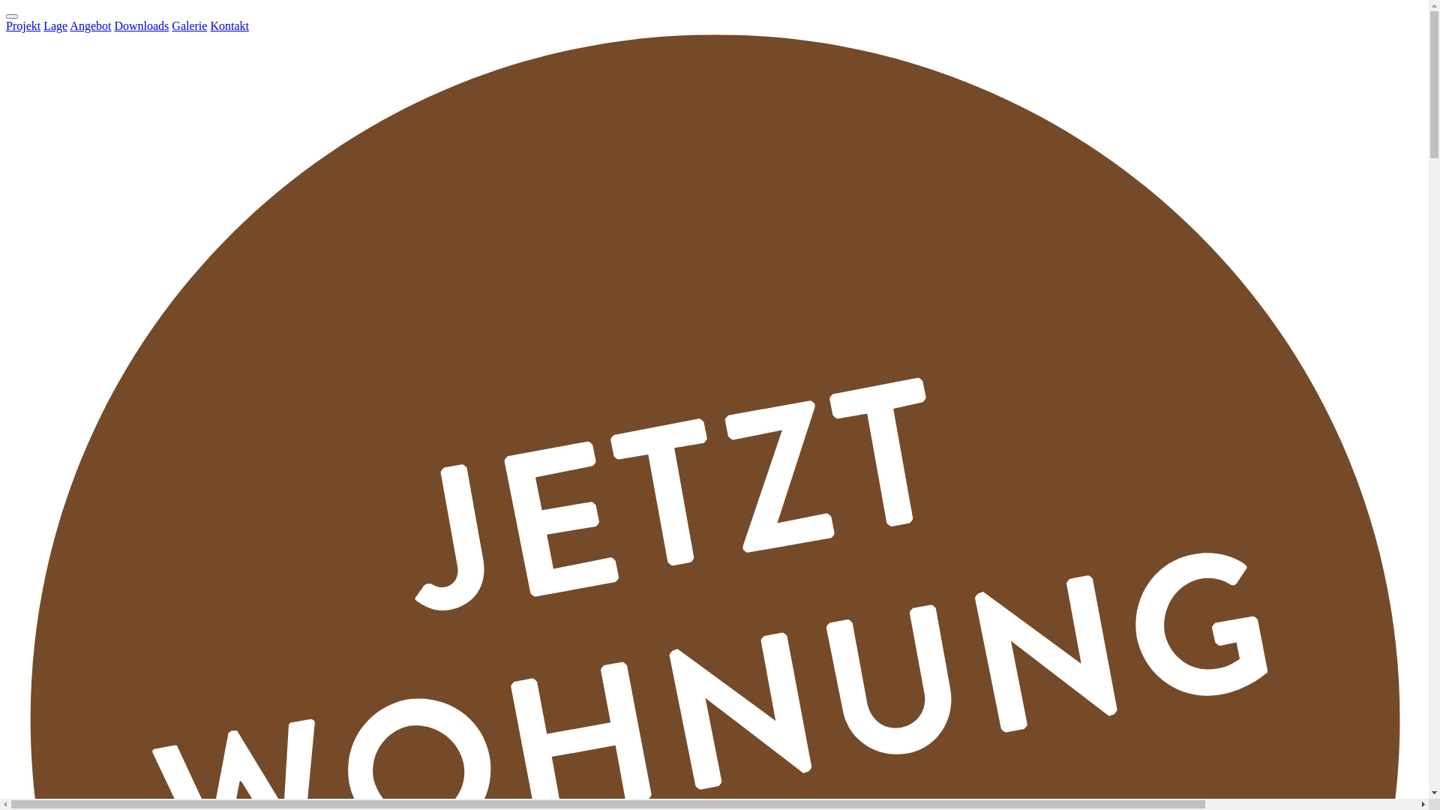  I want to click on 'Projekt', so click(22, 25).